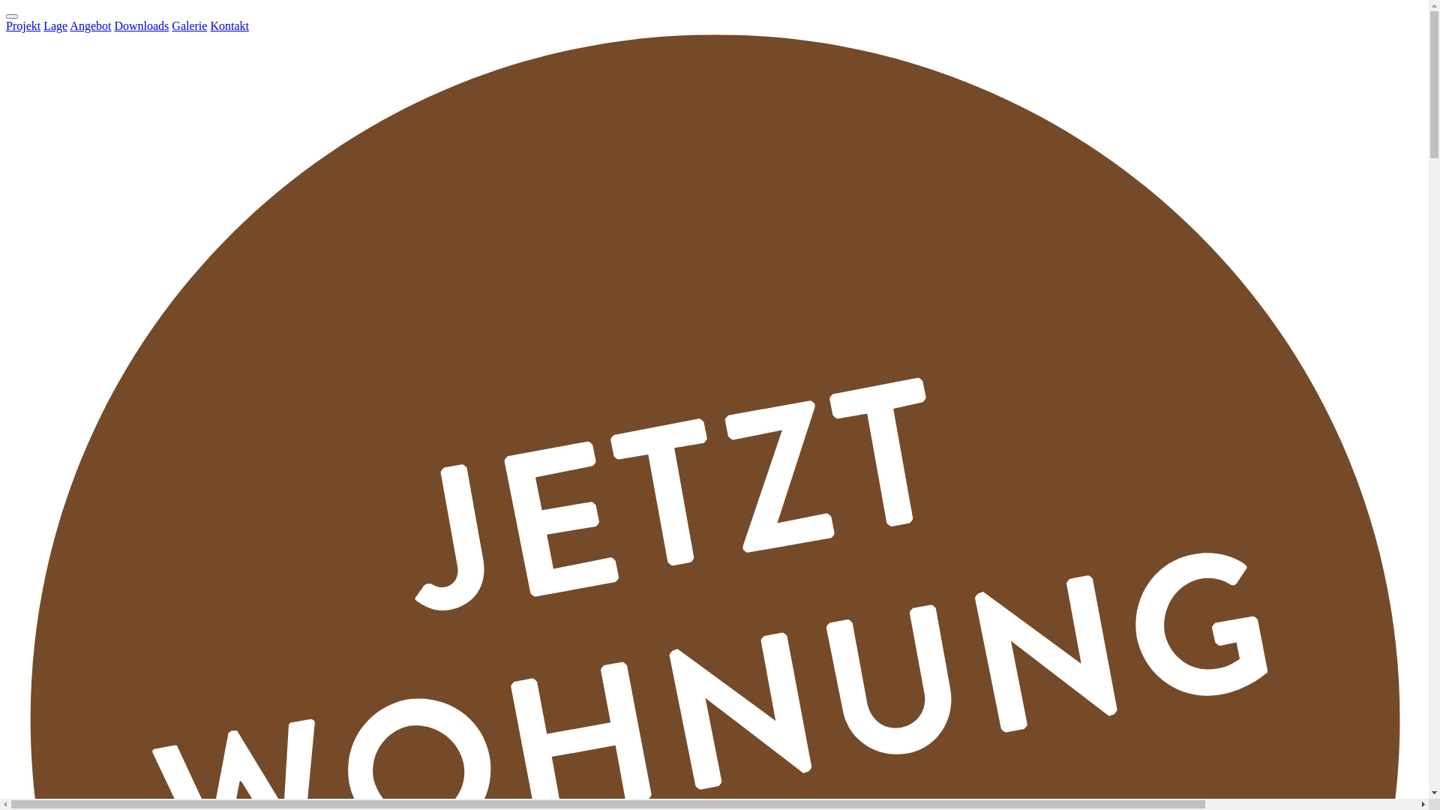  I want to click on 'Projekt', so click(22, 25).